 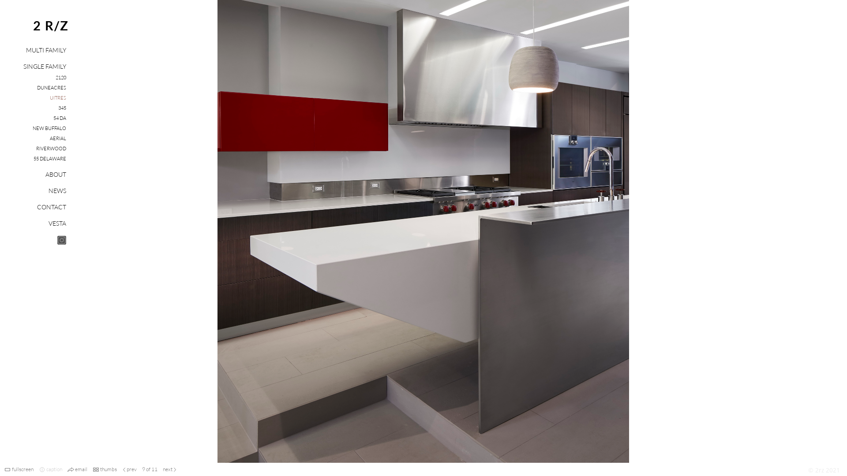 What do you see at coordinates (57, 138) in the screenshot?
I see `'AERIAL'` at bounding box center [57, 138].